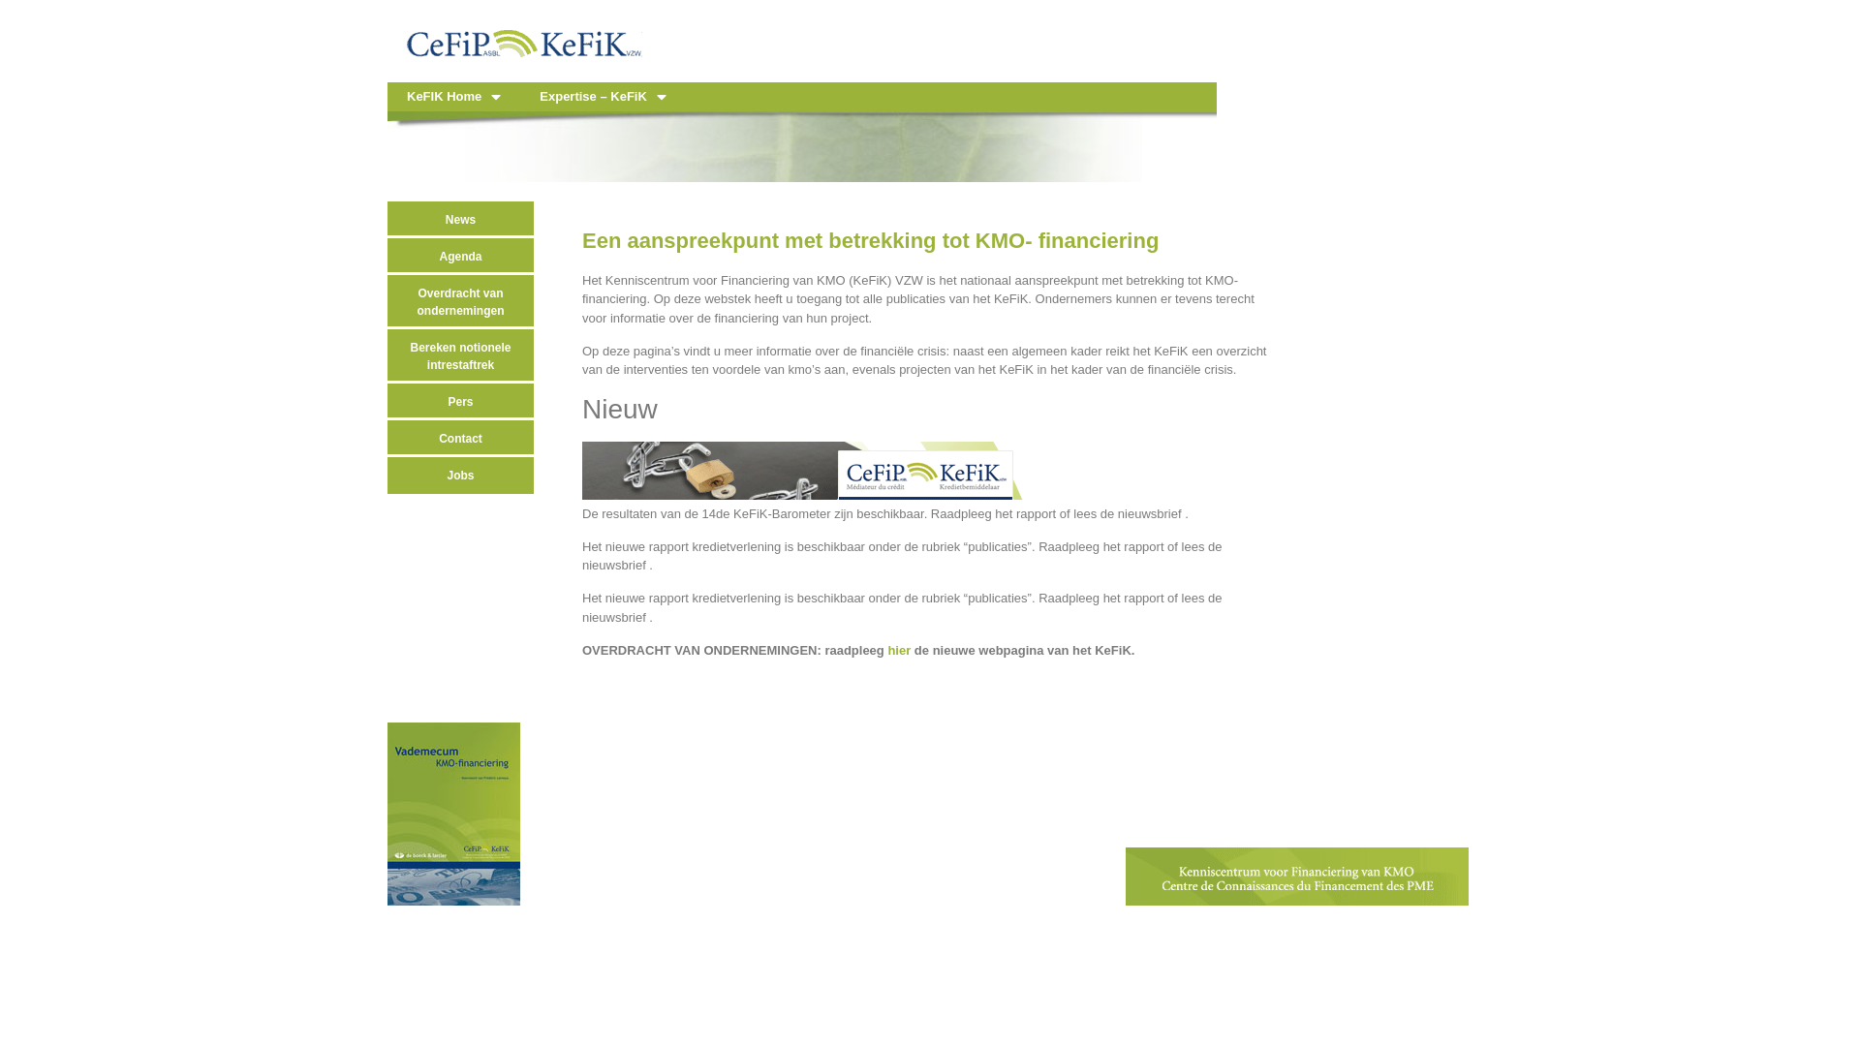  I want to click on 'Overdracht van ondernemingen', so click(387, 302).